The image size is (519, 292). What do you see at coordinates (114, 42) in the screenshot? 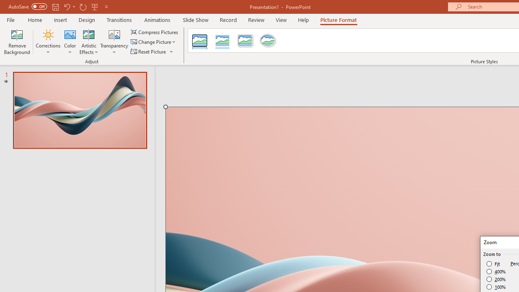
I see `'Transparency'` at bounding box center [114, 42].